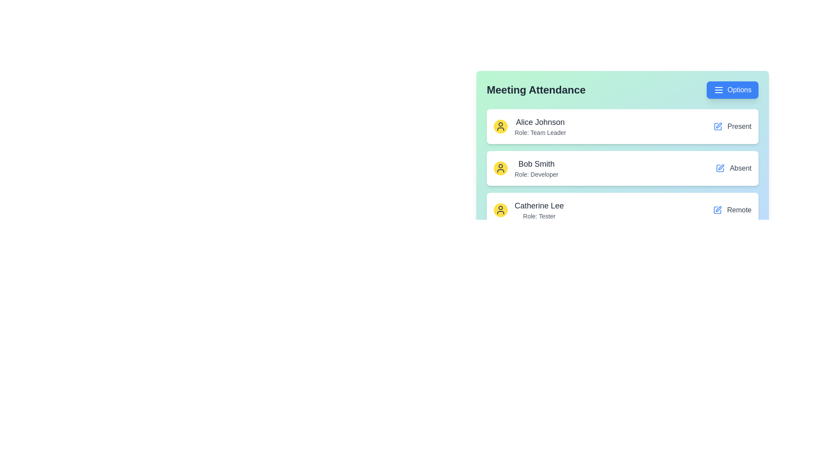  I want to click on information displayed on the Informative card section for 'Bob Smith', which includes his name in bold and role as 'Developer' in gray font, so click(526, 168).